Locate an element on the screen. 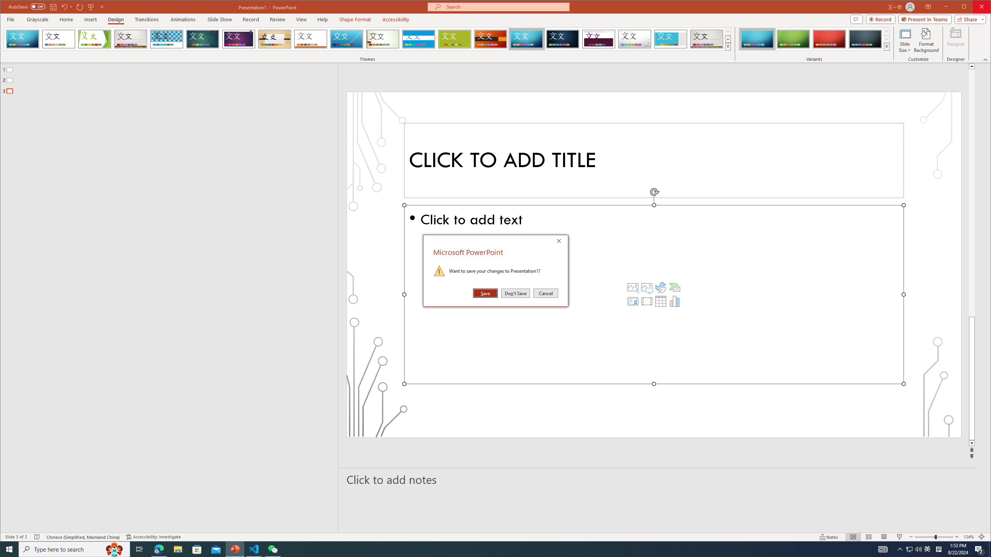 Image resolution: width=991 pixels, height=557 pixels. 'Action Center, 2 new notifications' is located at coordinates (979, 548).